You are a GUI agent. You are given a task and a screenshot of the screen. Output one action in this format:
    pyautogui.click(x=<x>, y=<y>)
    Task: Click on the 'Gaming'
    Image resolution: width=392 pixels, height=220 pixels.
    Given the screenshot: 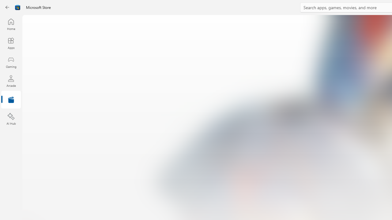 What is the action you would take?
    pyautogui.click(x=11, y=62)
    